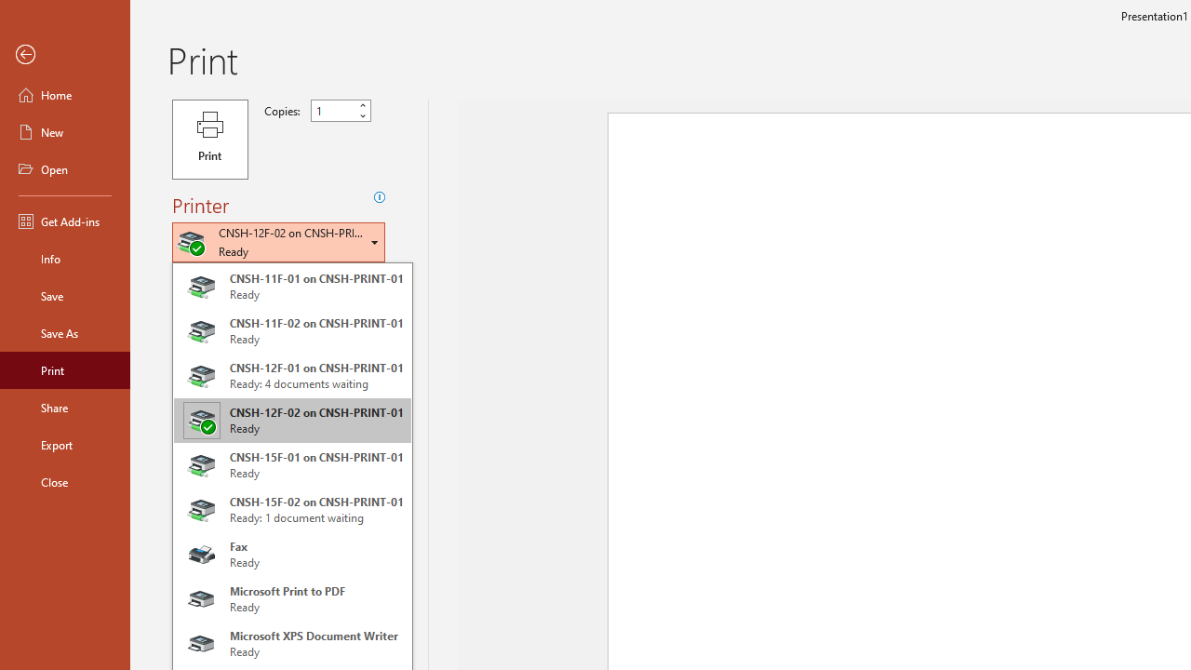 The height and width of the screenshot is (670, 1191). What do you see at coordinates (64, 54) in the screenshot?
I see `'Back'` at bounding box center [64, 54].